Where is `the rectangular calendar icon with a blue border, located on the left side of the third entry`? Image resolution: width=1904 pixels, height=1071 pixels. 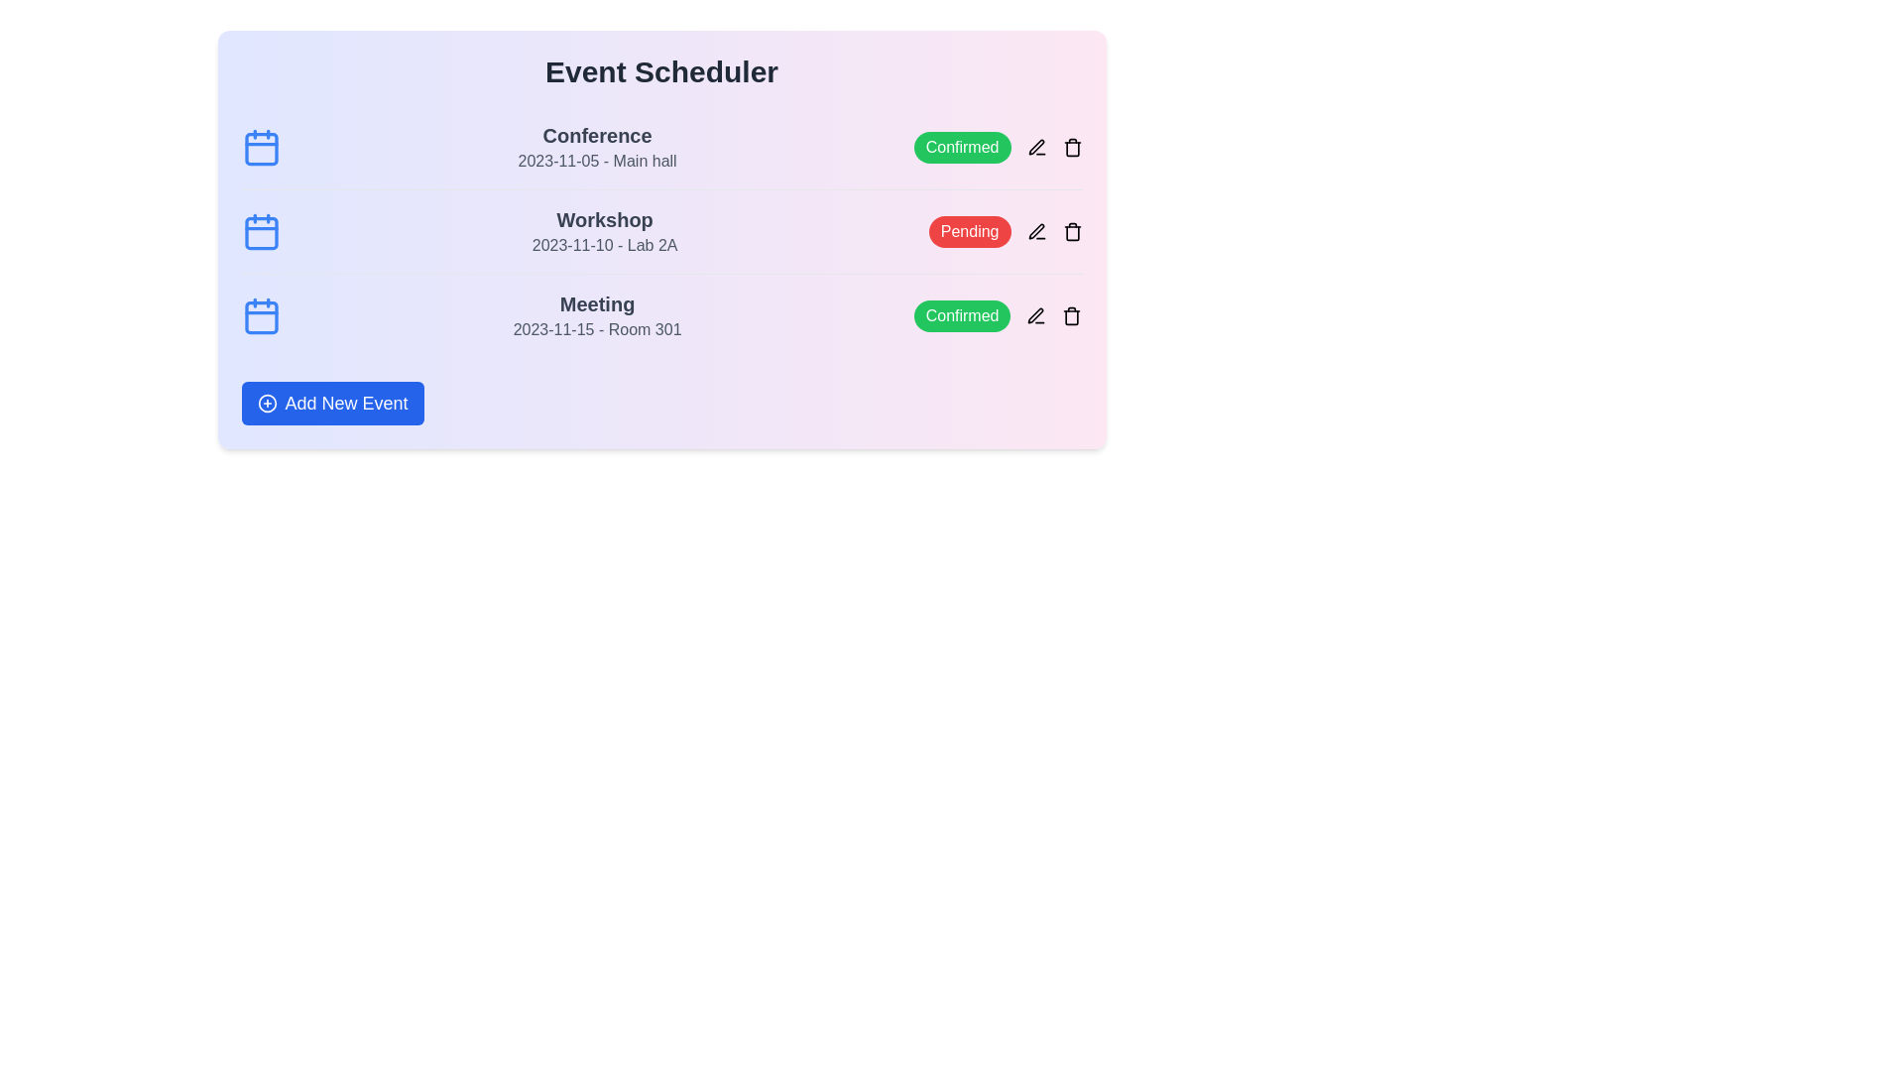
the rectangular calendar icon with a blue border, located on the left side of the third entry is located at coordinates (260, 316).